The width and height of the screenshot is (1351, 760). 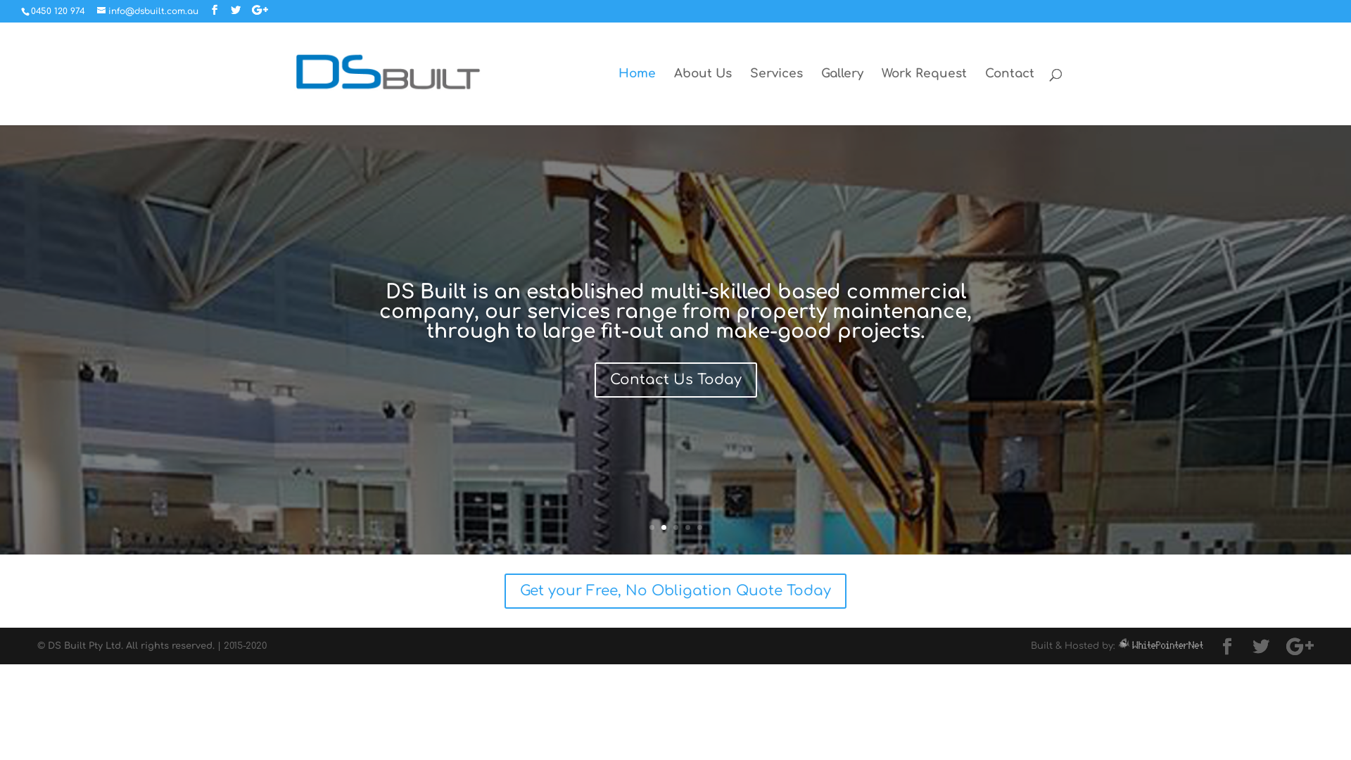 What do you see at coordinates (674, 380) in the screenshot?
I see `'Contact Us Today'` at bounding box center [674, 380].